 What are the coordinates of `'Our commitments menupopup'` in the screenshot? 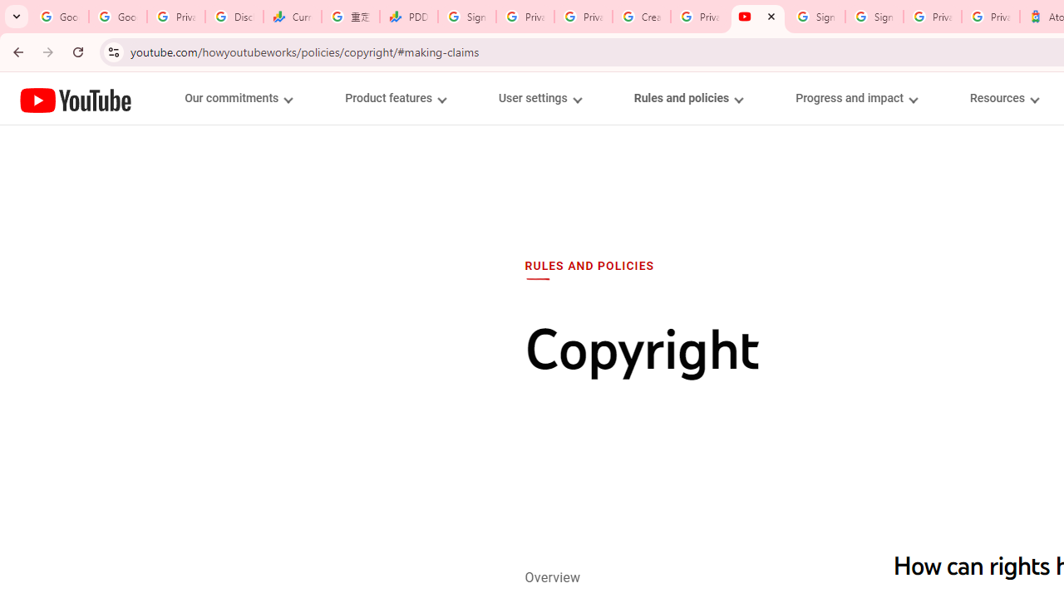 It's located at (237, 98).